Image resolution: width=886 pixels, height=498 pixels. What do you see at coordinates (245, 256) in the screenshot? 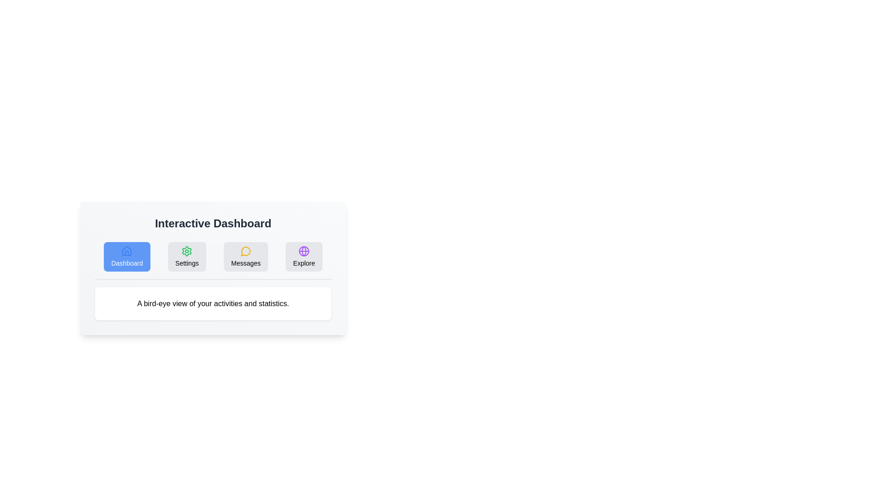
I see `the 'Messages' tab to view messages` at bounding box center [245, 256].